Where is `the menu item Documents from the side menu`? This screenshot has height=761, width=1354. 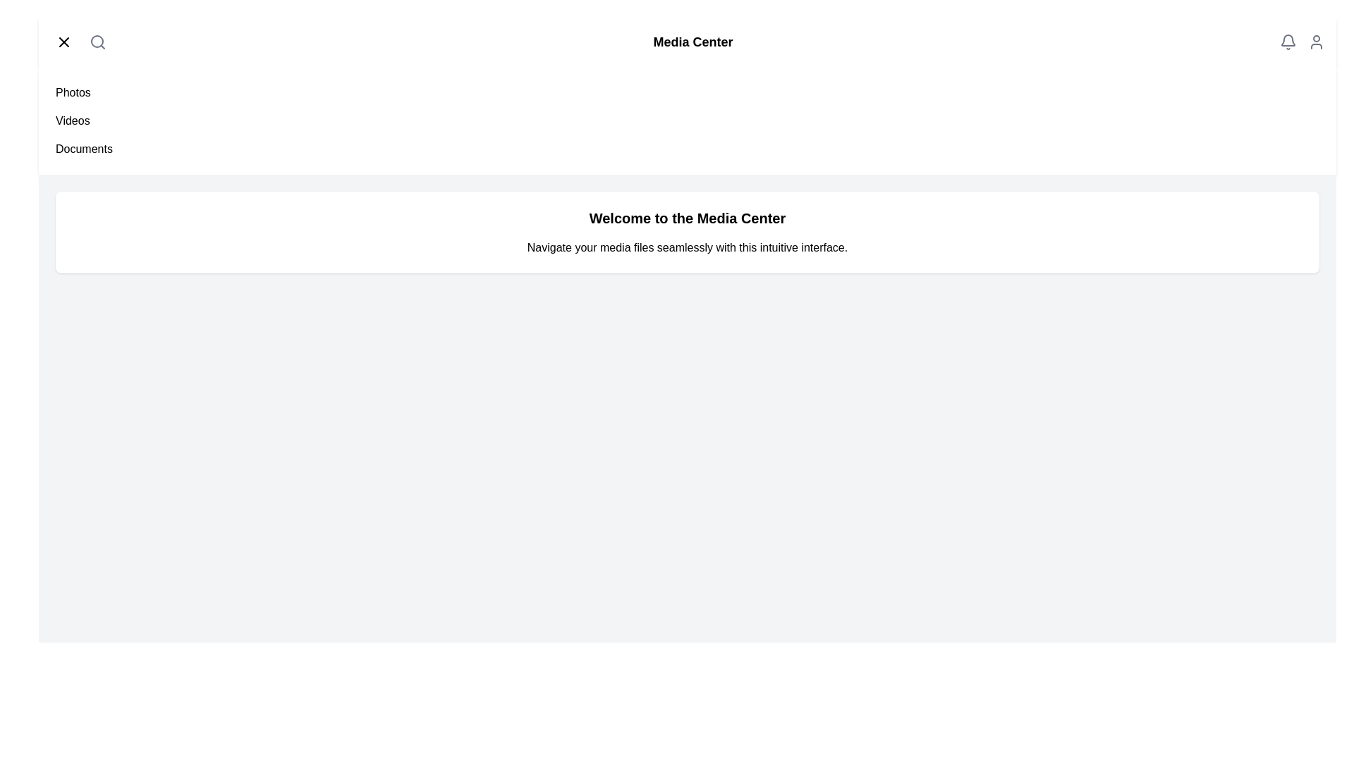 the menu item Documents from the side menu is located at coordinates (83, 149).